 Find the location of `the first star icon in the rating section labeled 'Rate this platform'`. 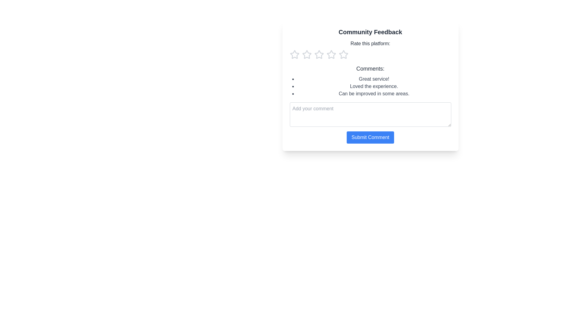

the first star icon in the rating section labeled 'Rate this platform' is located at coordinates (294, 54).